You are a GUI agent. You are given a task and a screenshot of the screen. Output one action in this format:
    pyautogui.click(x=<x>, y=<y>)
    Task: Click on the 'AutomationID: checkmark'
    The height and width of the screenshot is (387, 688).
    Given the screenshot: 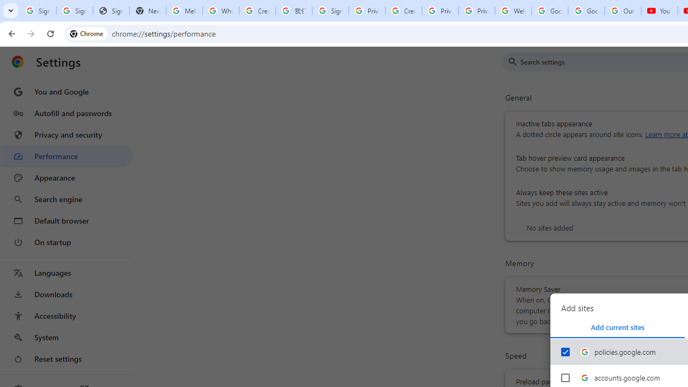 What is the action you would take?
    pyautogui.click(x=565, y=352)
    